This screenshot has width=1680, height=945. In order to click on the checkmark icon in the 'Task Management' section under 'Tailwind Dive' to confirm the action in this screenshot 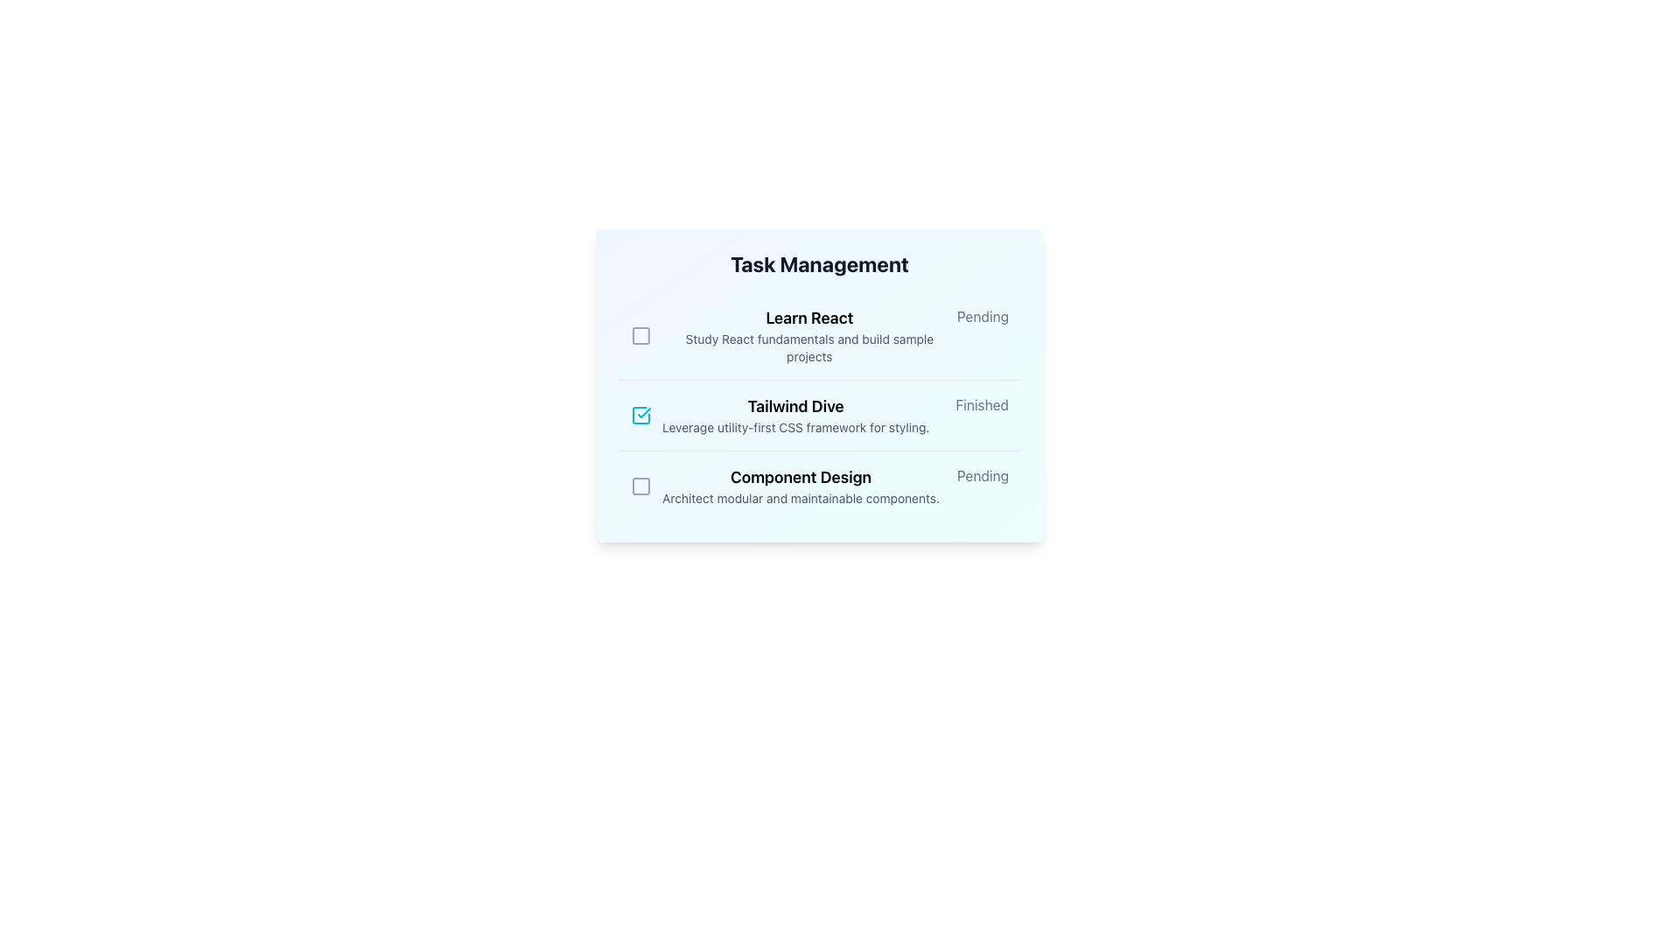, I will do `click(643, 412)`.